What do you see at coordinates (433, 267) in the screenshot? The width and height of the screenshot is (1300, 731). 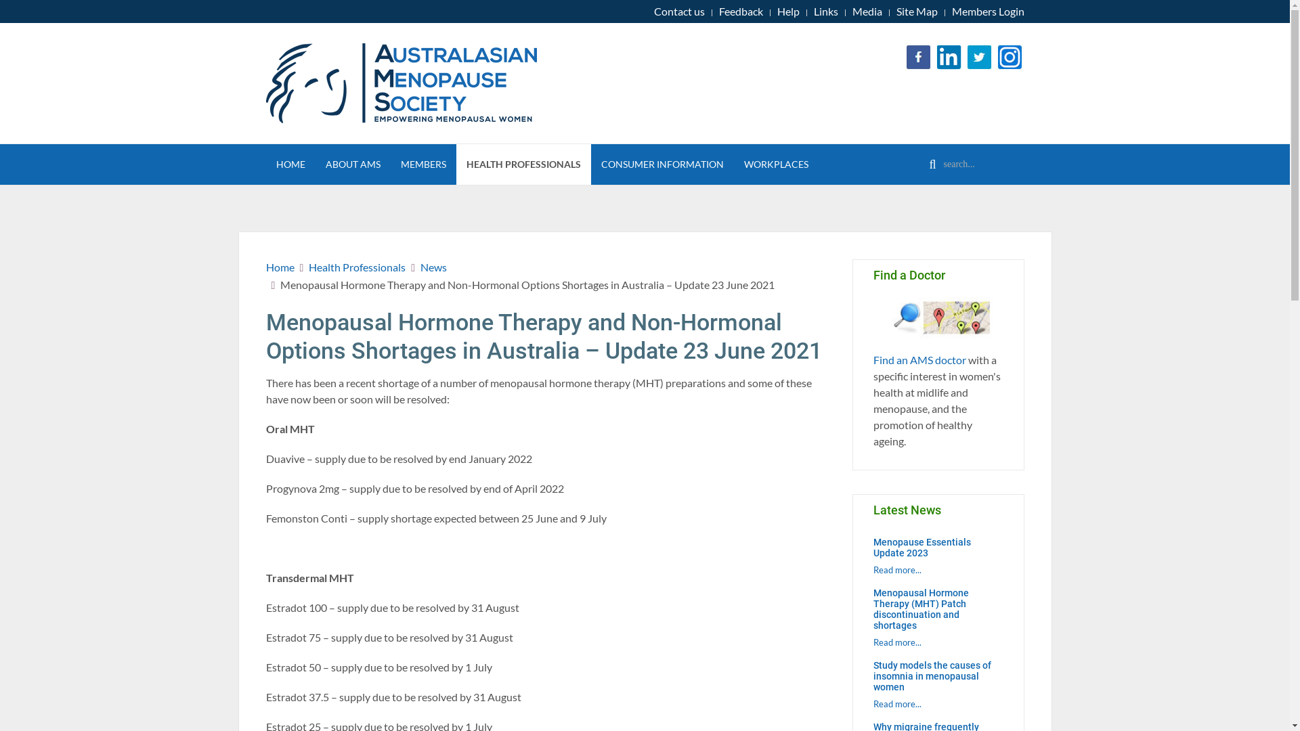 I see `'News'` at bounding box center [433, 267].